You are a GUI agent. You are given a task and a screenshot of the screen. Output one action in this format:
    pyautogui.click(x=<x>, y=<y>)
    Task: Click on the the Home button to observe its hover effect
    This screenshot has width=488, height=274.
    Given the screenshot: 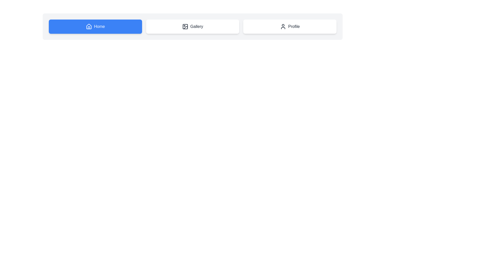 What is the action you would take?
    pyautogui.click(x=95, y=26)
    